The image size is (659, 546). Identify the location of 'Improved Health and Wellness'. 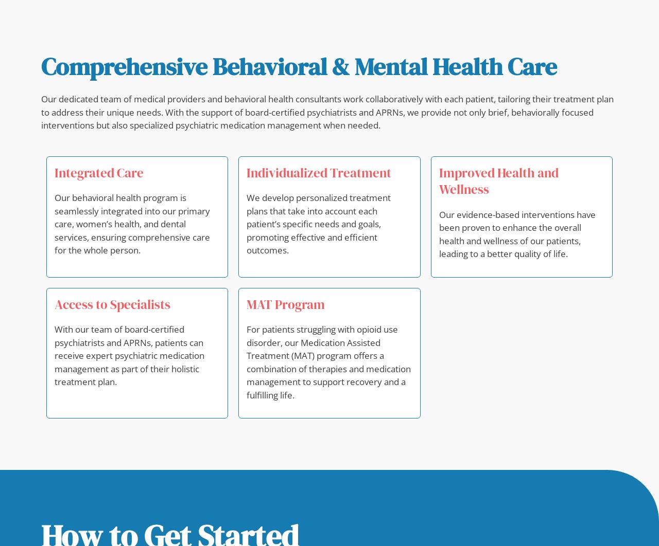
(438, 180).